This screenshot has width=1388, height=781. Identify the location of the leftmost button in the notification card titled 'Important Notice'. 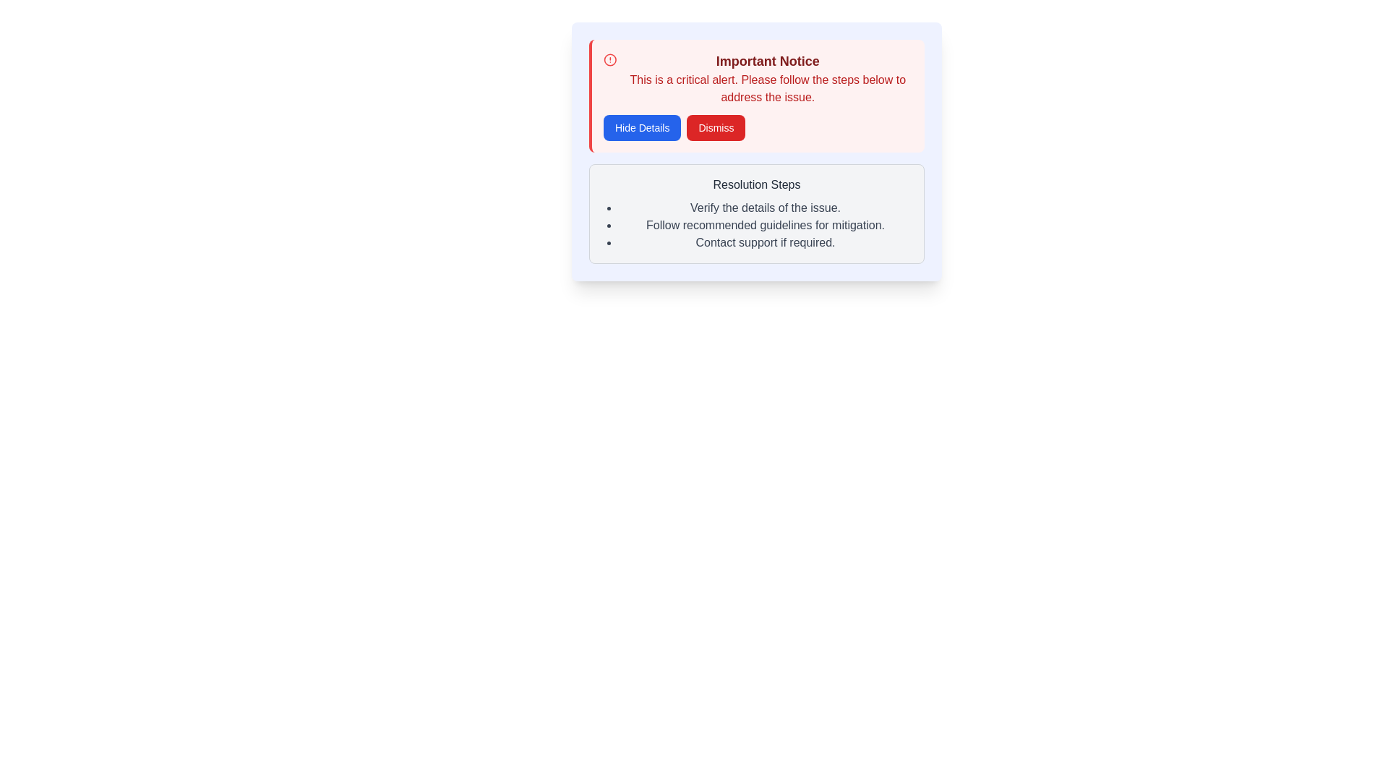
(641, 127).